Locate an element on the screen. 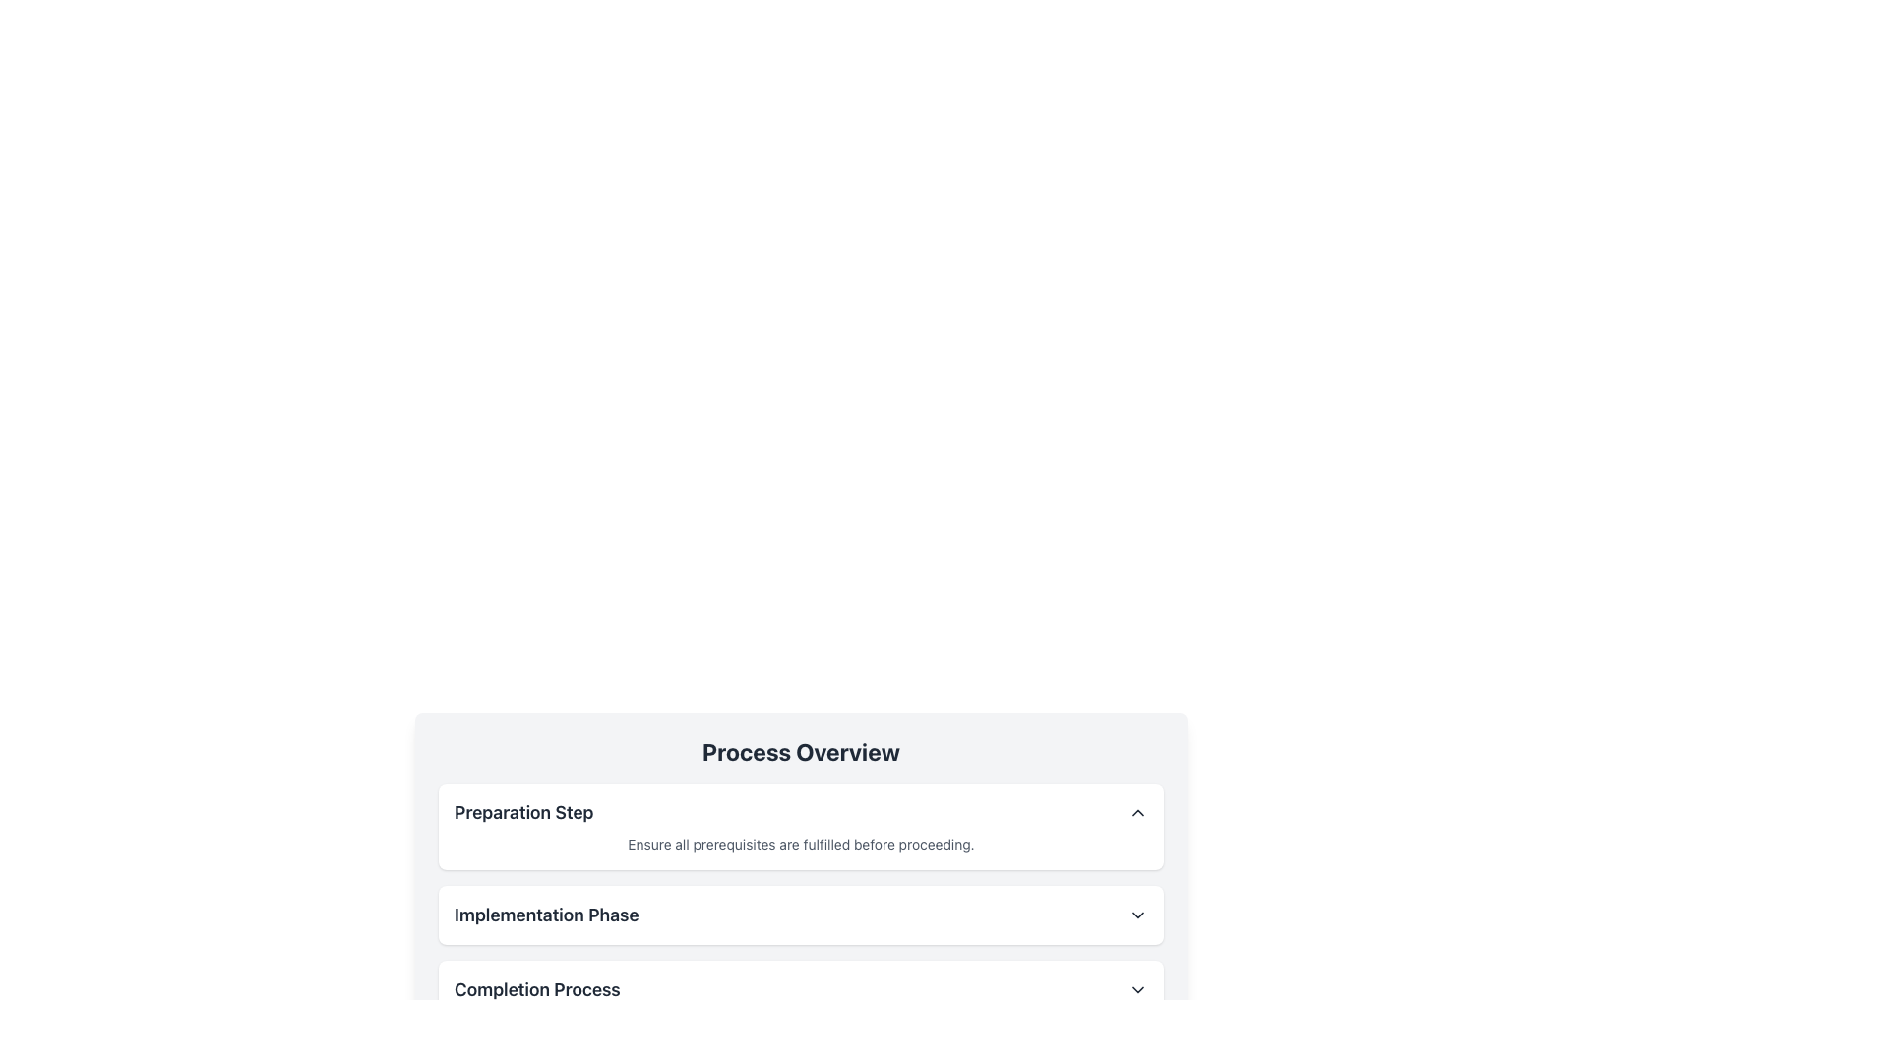  the text label displaying 'Completion Process' which is styled as a title or header in bold black font, located below 'Preparation Step' and 'Implementation Phase' is located at coordinates (537, 989).